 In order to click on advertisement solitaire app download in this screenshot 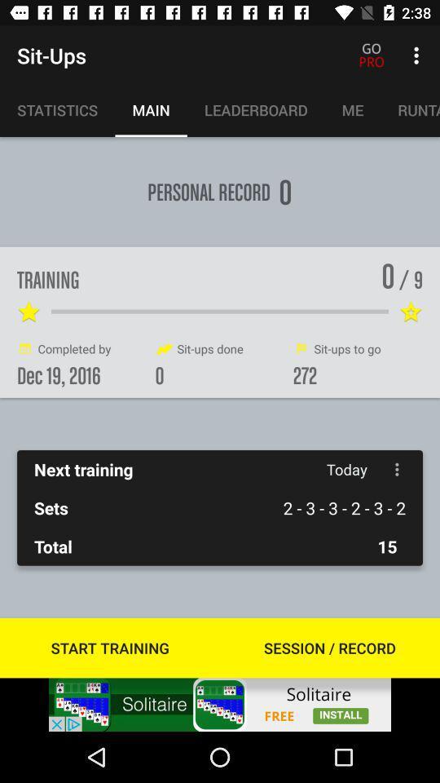, I will do `click(220, 704)`.